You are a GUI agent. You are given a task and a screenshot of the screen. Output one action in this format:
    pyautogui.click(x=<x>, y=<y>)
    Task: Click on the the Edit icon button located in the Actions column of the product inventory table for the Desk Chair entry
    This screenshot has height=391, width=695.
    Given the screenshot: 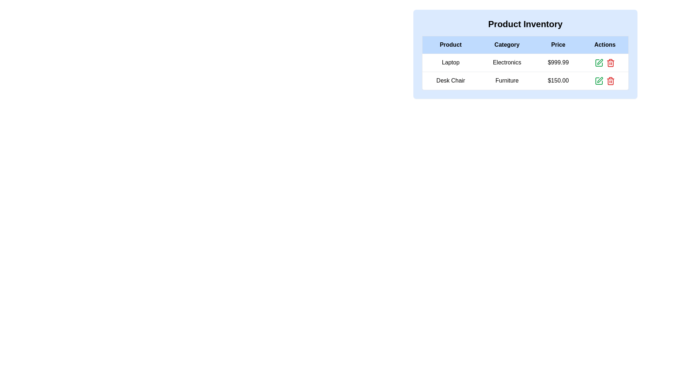 What is the action you would take?
    pyautogui.click(x=600, y=80)
    